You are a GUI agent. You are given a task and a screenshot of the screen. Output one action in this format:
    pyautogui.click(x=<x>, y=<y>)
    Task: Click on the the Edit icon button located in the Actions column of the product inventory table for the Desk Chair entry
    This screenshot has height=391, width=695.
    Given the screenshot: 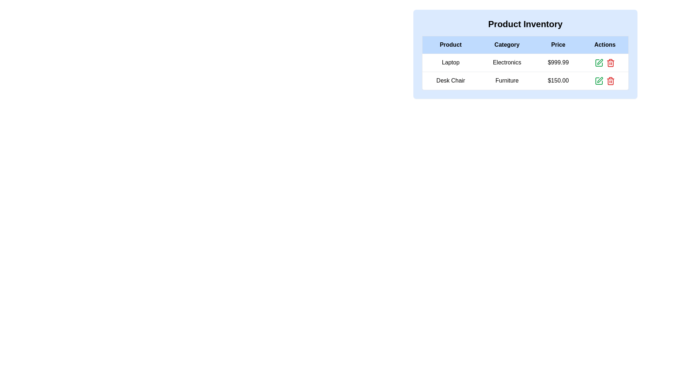 What is the action you would take?
    pyautogui.click(x=600, y=80)
    